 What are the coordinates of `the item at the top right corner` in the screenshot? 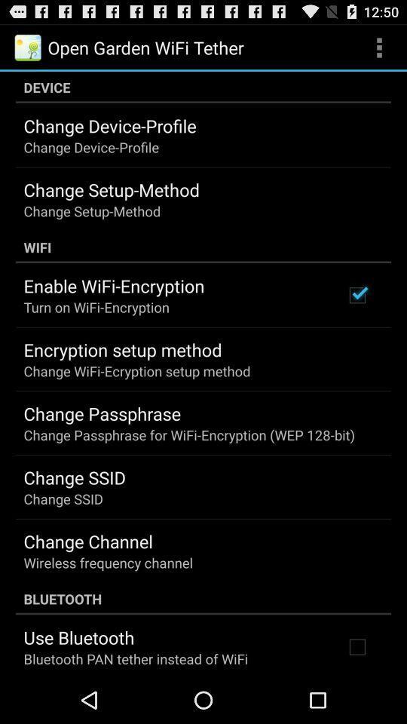 It's located at (378, 47).